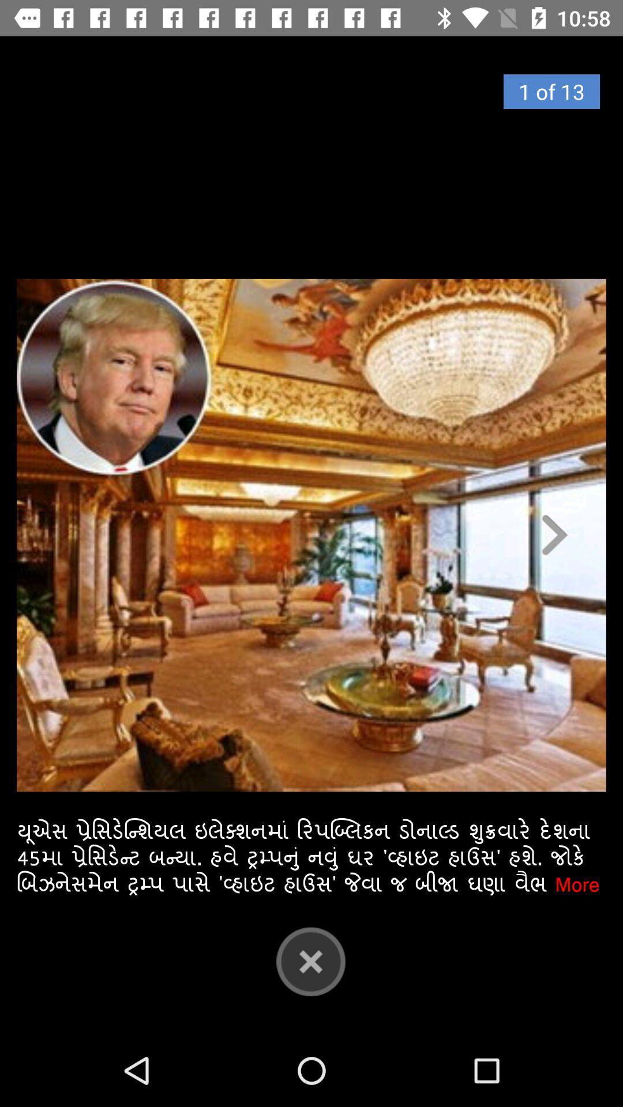 The height and width of the screenshot is (1107, 623). I want to click on the arrow_forward icon, so click(554, 534).